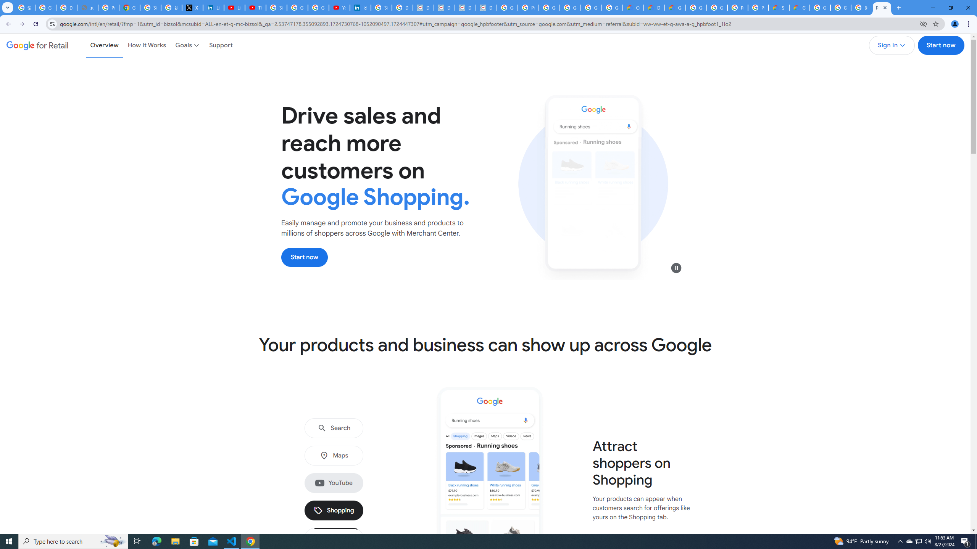 This screenshot has width=977, height=549. I want to click on 'Google Cloud Platform', so click(696, 7).